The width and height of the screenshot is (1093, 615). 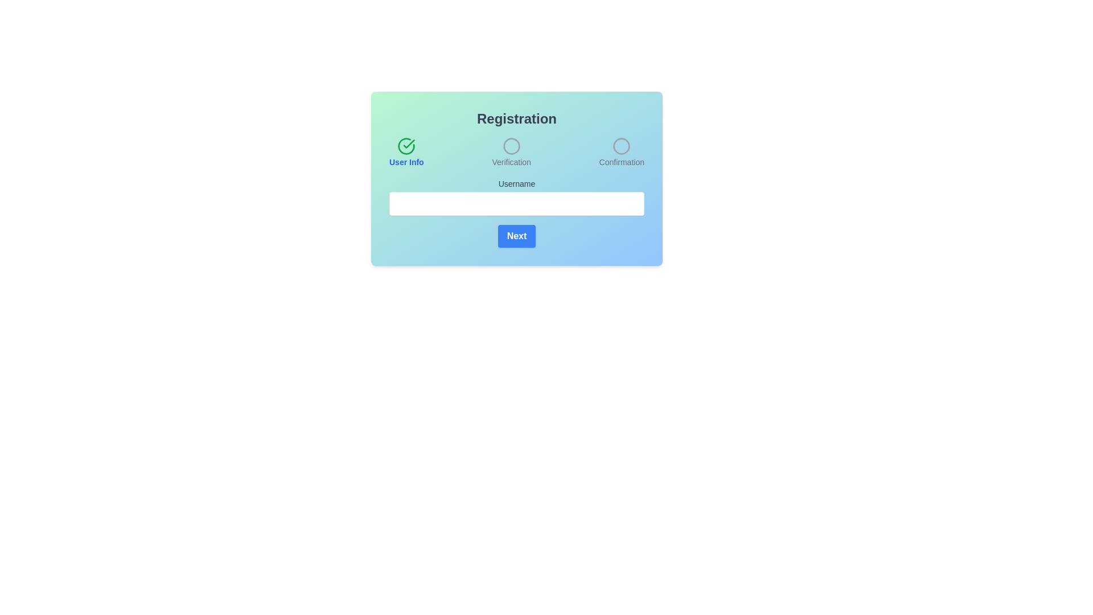 I want to click on the 'Verification' stage indicator in the registration process, which is centrally located in the progress bar, between 'User Info' and 'Confirmation', so click(x=516, y=153).